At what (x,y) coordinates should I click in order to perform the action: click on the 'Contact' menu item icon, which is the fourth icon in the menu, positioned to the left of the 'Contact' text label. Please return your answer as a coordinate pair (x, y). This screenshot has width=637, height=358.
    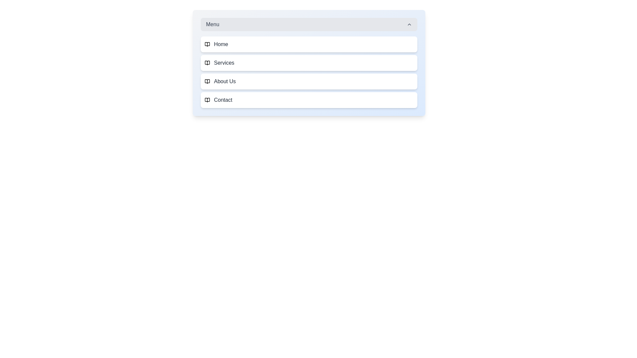
    Looking at the image, I should click on (207, 100).